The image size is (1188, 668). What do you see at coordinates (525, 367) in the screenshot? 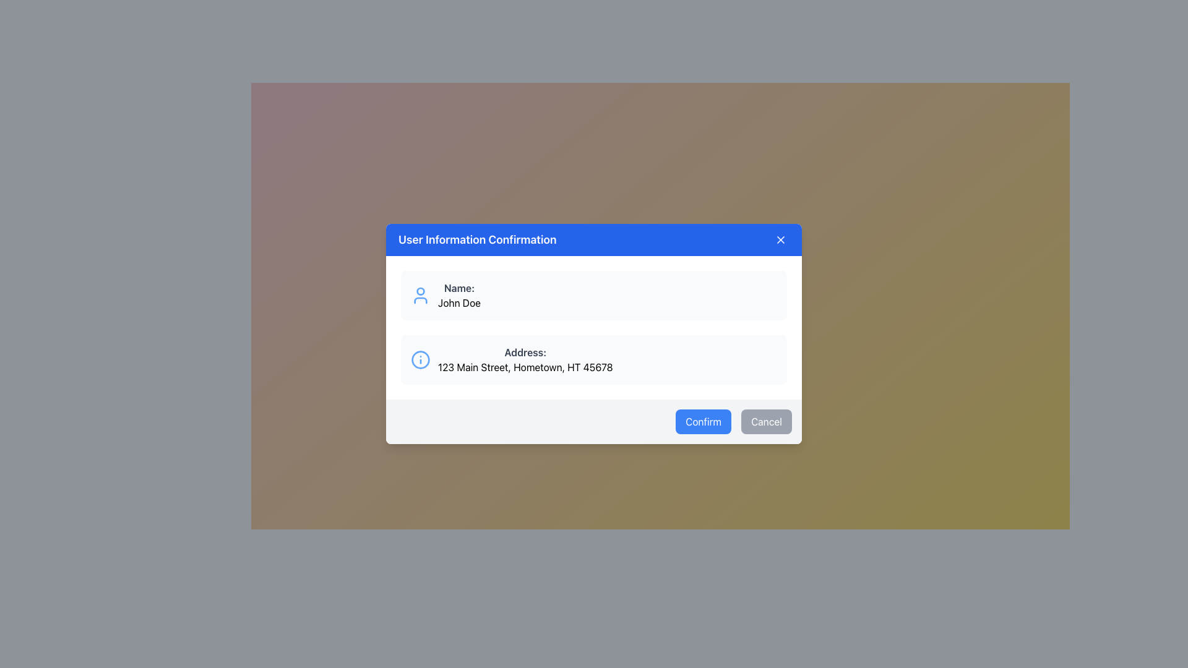
I see `the static text content displaying '123 Main Street, Hometown, HT 45678' located under the label 'Address:' in the 'User Information Confirmation' modal` at bounding box center [525, 367].